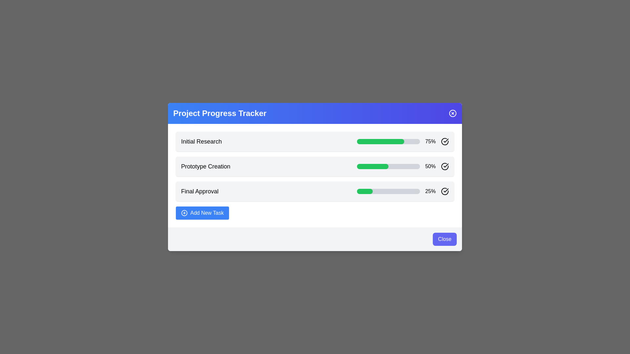 The width and height of the screenshot is (630, 354). Describe the element at coordinates (445, 141) in the screenshot. I see `the circular checkmark icon with a light stroke color located to the right of the progress bar labeled '75%'` at that location.